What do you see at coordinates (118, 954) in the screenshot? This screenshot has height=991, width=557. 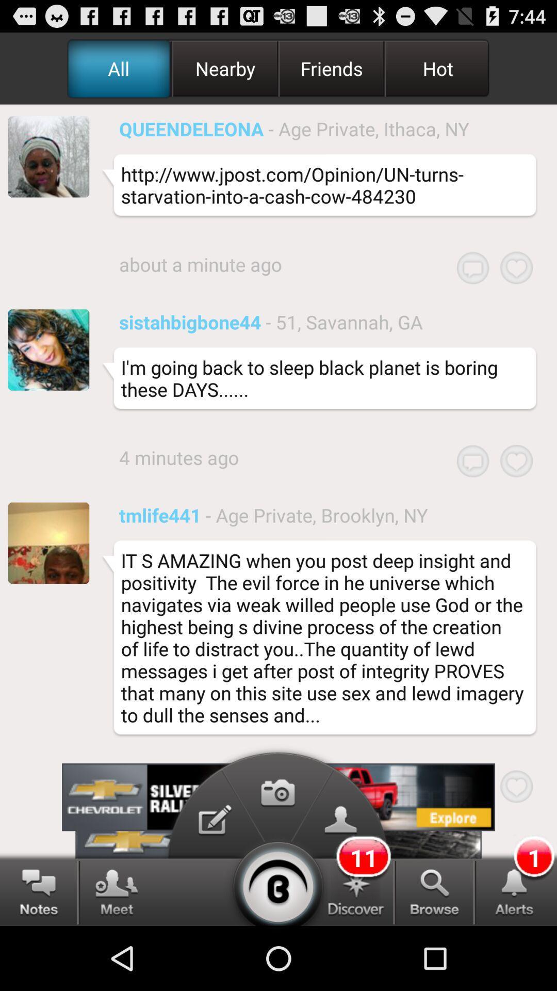 I see `the group icon` at bounding box center [118, 954].